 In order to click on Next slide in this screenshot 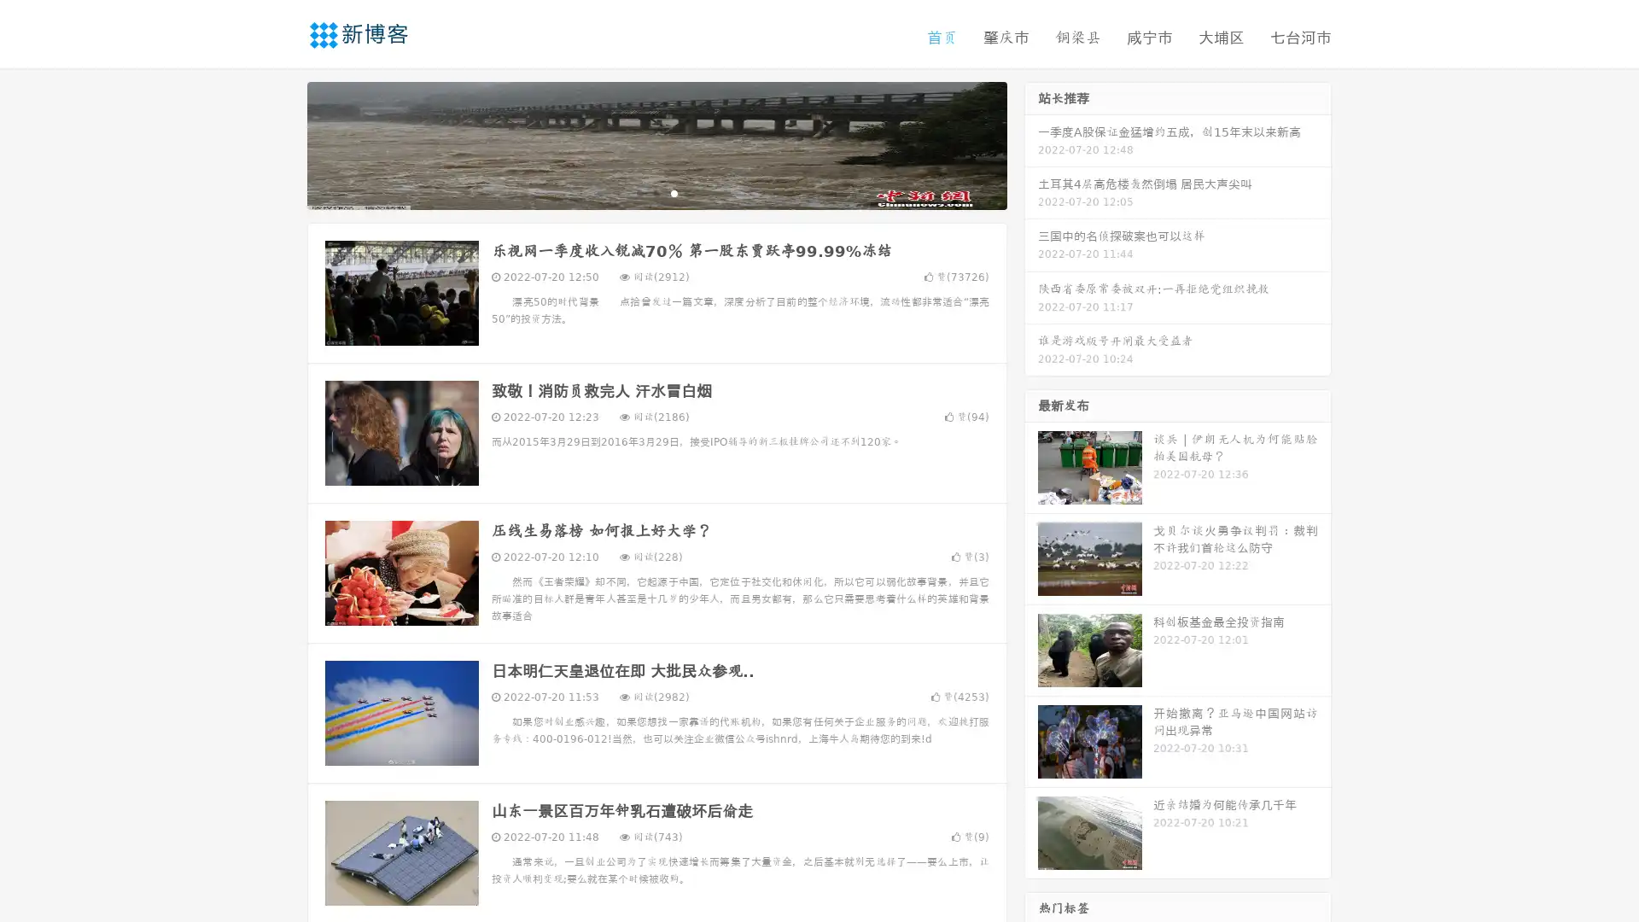, I will do `click(1031, 143)`.